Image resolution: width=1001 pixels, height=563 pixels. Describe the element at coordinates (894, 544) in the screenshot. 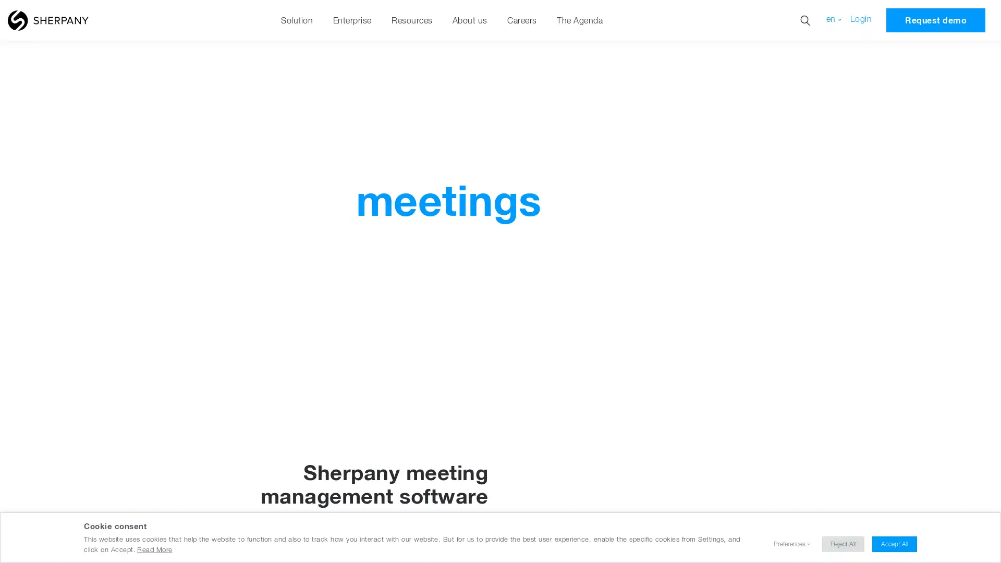

I see `Accept All` at that location.